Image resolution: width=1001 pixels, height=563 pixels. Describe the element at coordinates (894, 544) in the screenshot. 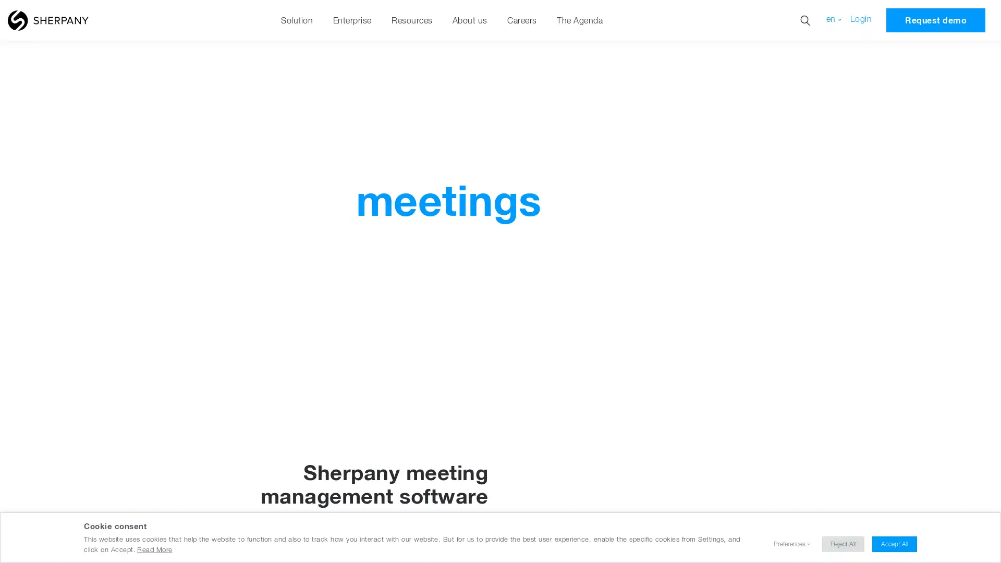

I see `Accept All` at that location.